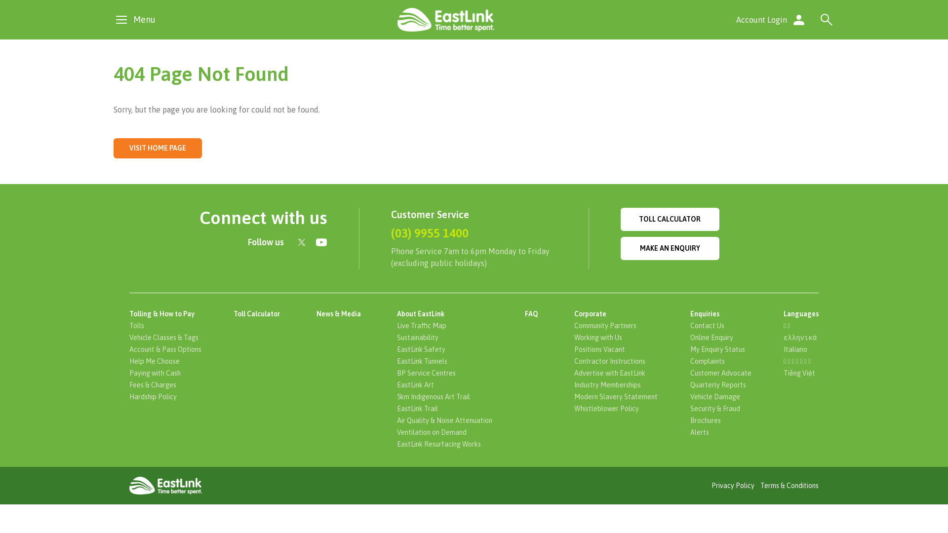 The width and height of the screenshot is (948, 533). I want to click on 'My Enquiry Status', so click(721, 349).